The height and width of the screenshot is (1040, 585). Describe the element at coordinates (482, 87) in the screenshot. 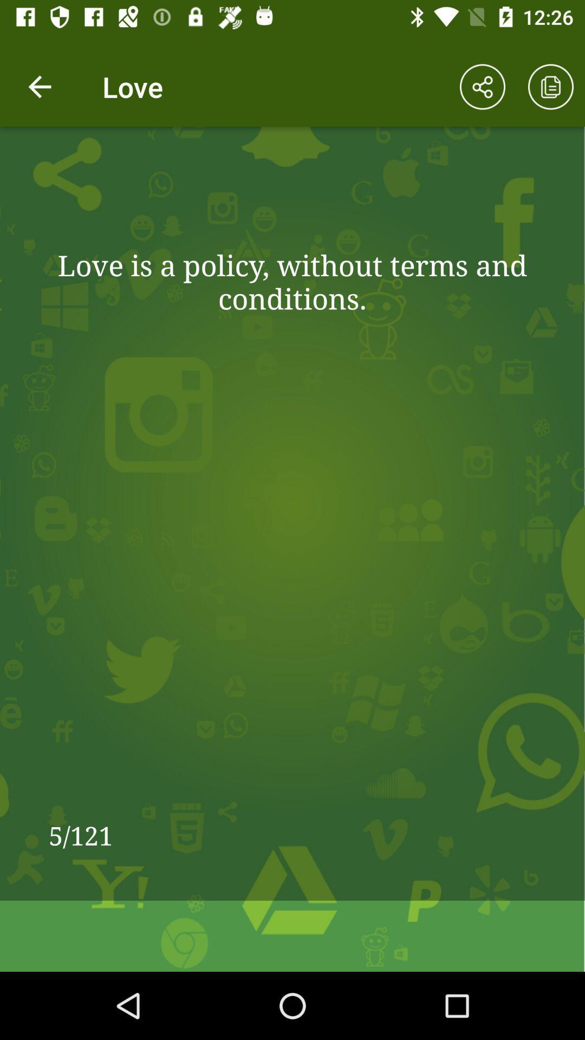

I see `share` at that location.